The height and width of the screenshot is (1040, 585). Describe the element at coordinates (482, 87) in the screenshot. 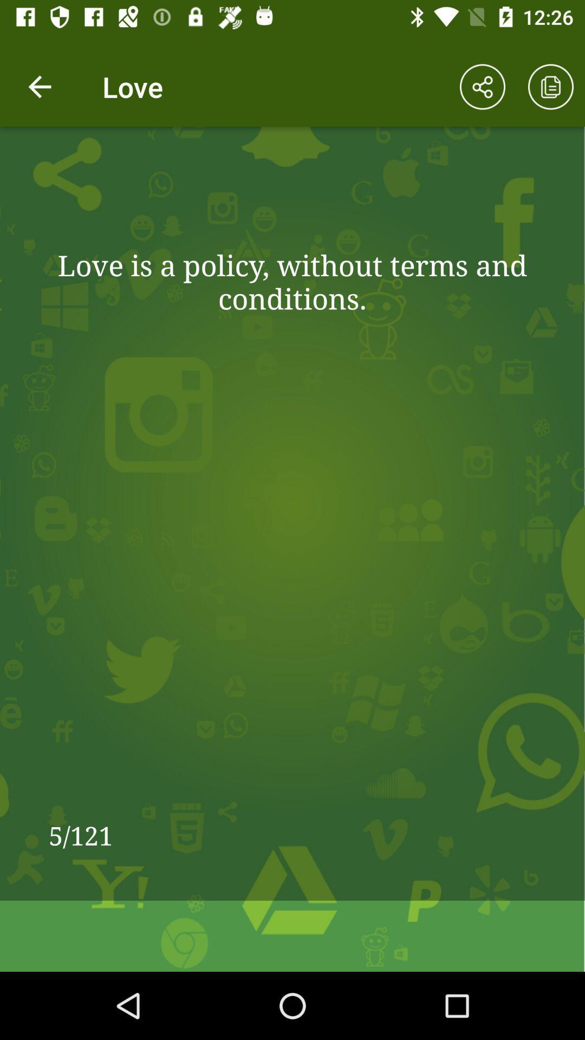

I see `share` at that location.